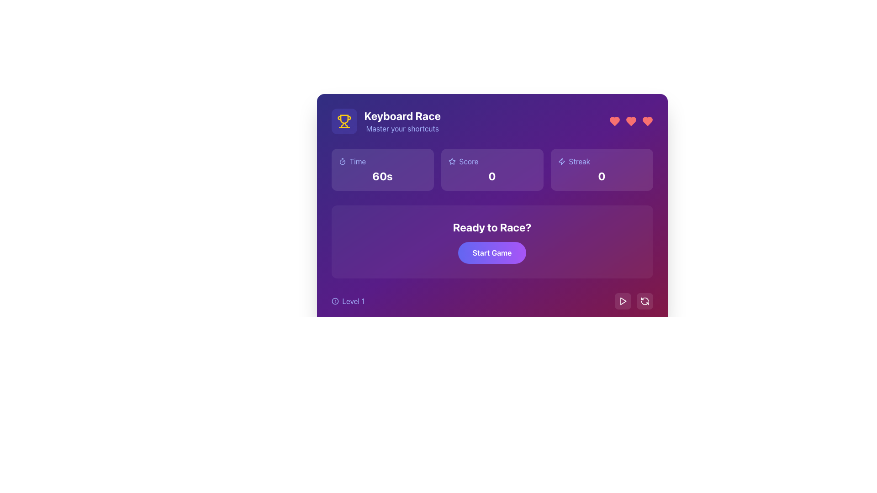 Image resolution: width=877 pixels, height=493 pixels. I want to click on the purple star-shaped icon with a hollow center located to the left of the number '0' under the 'Score' label, so click(452, 161).